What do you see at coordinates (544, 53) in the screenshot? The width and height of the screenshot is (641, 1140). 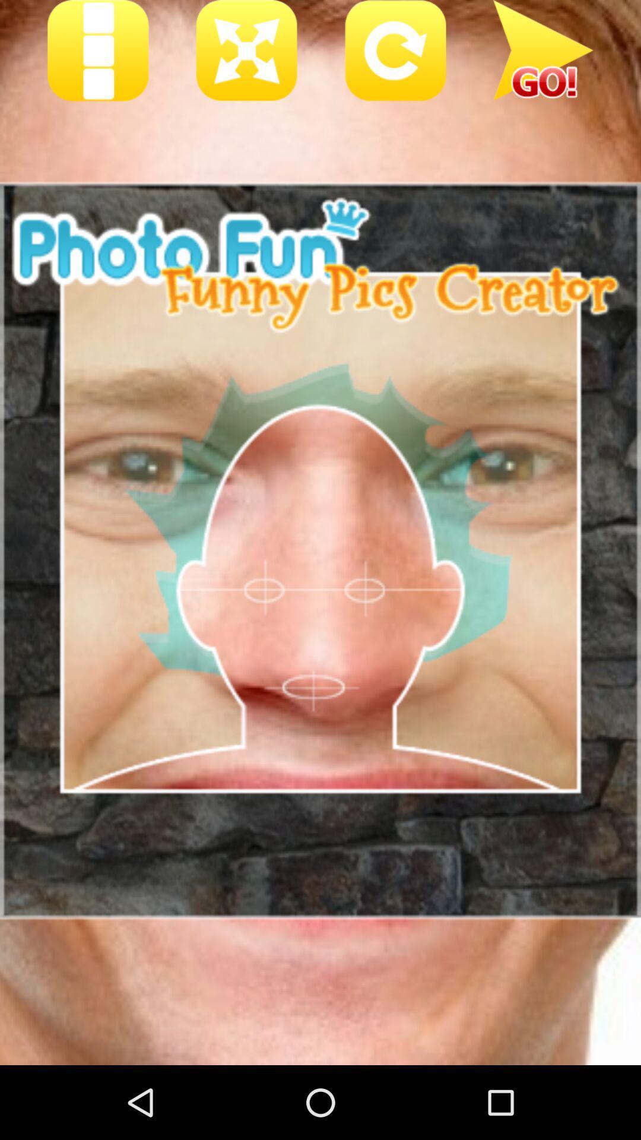 I see `the arrow_forward icon` at bounding box center [544, 53].